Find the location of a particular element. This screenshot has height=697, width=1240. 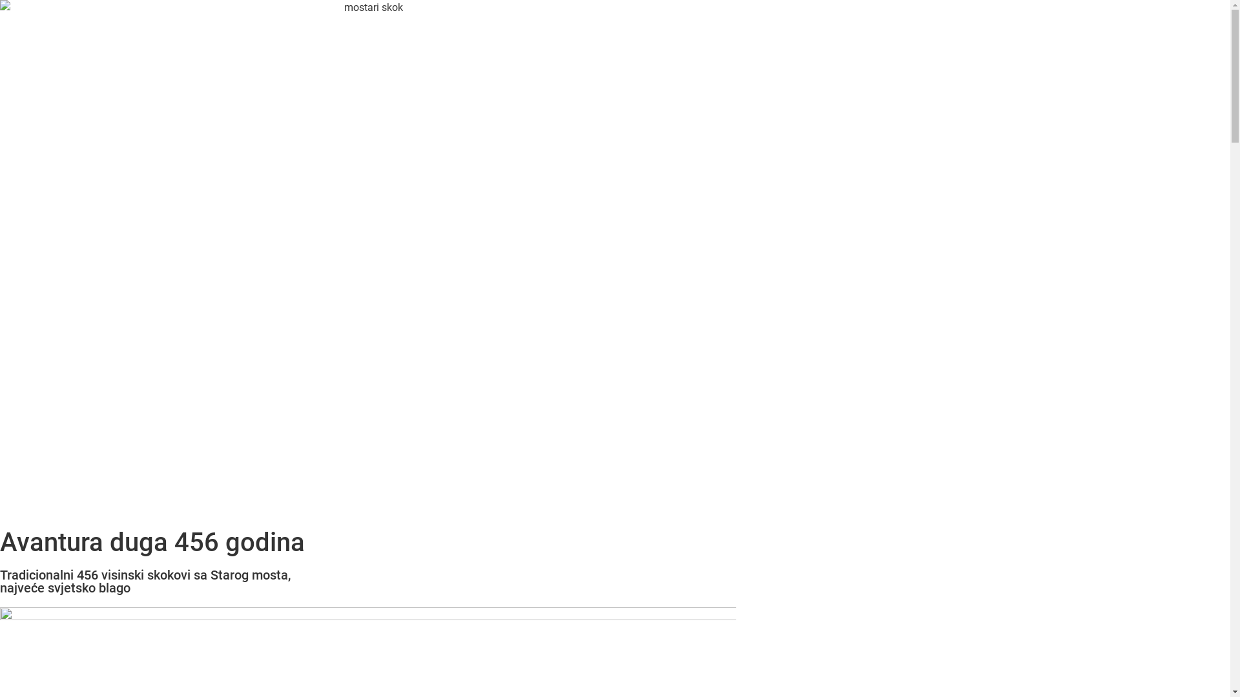

'Skip to content' is located at coordinates (0, 0).